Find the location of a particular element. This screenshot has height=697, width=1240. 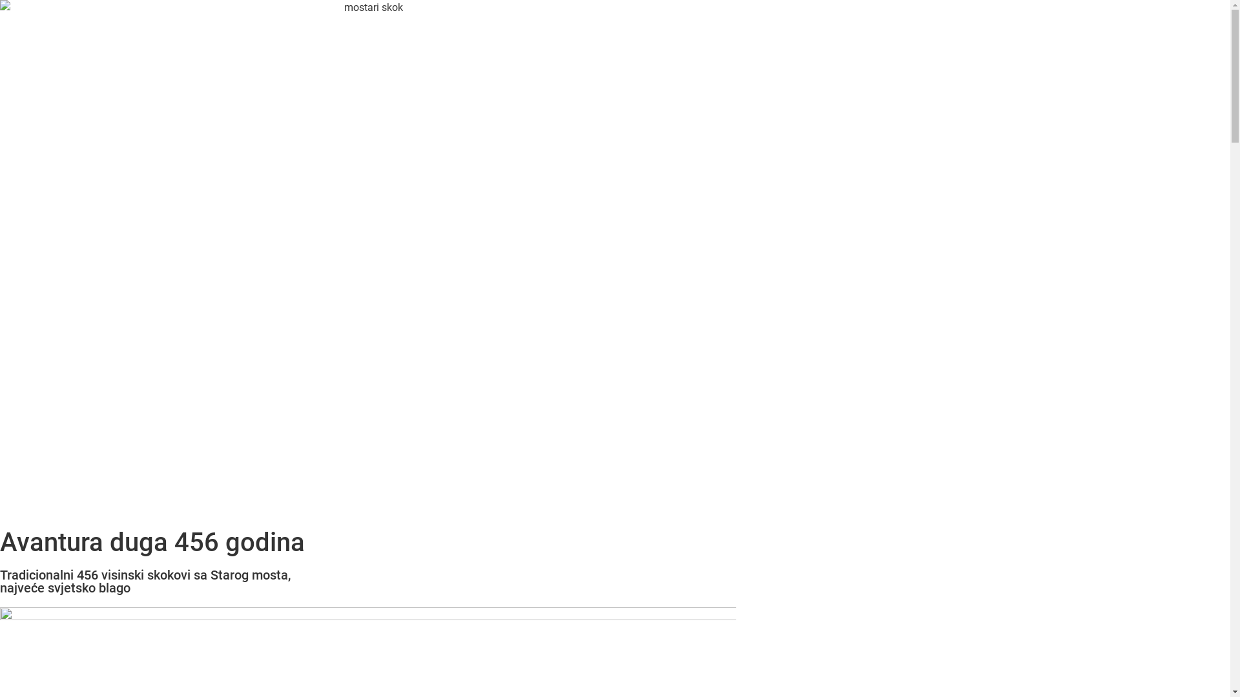

'Skip to content' is located at coordinates (0, 0).